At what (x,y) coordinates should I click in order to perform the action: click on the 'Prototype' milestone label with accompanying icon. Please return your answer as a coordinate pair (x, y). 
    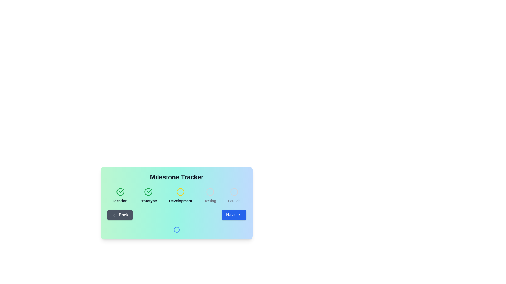
    Looking at the image, I should click on (148, 196).